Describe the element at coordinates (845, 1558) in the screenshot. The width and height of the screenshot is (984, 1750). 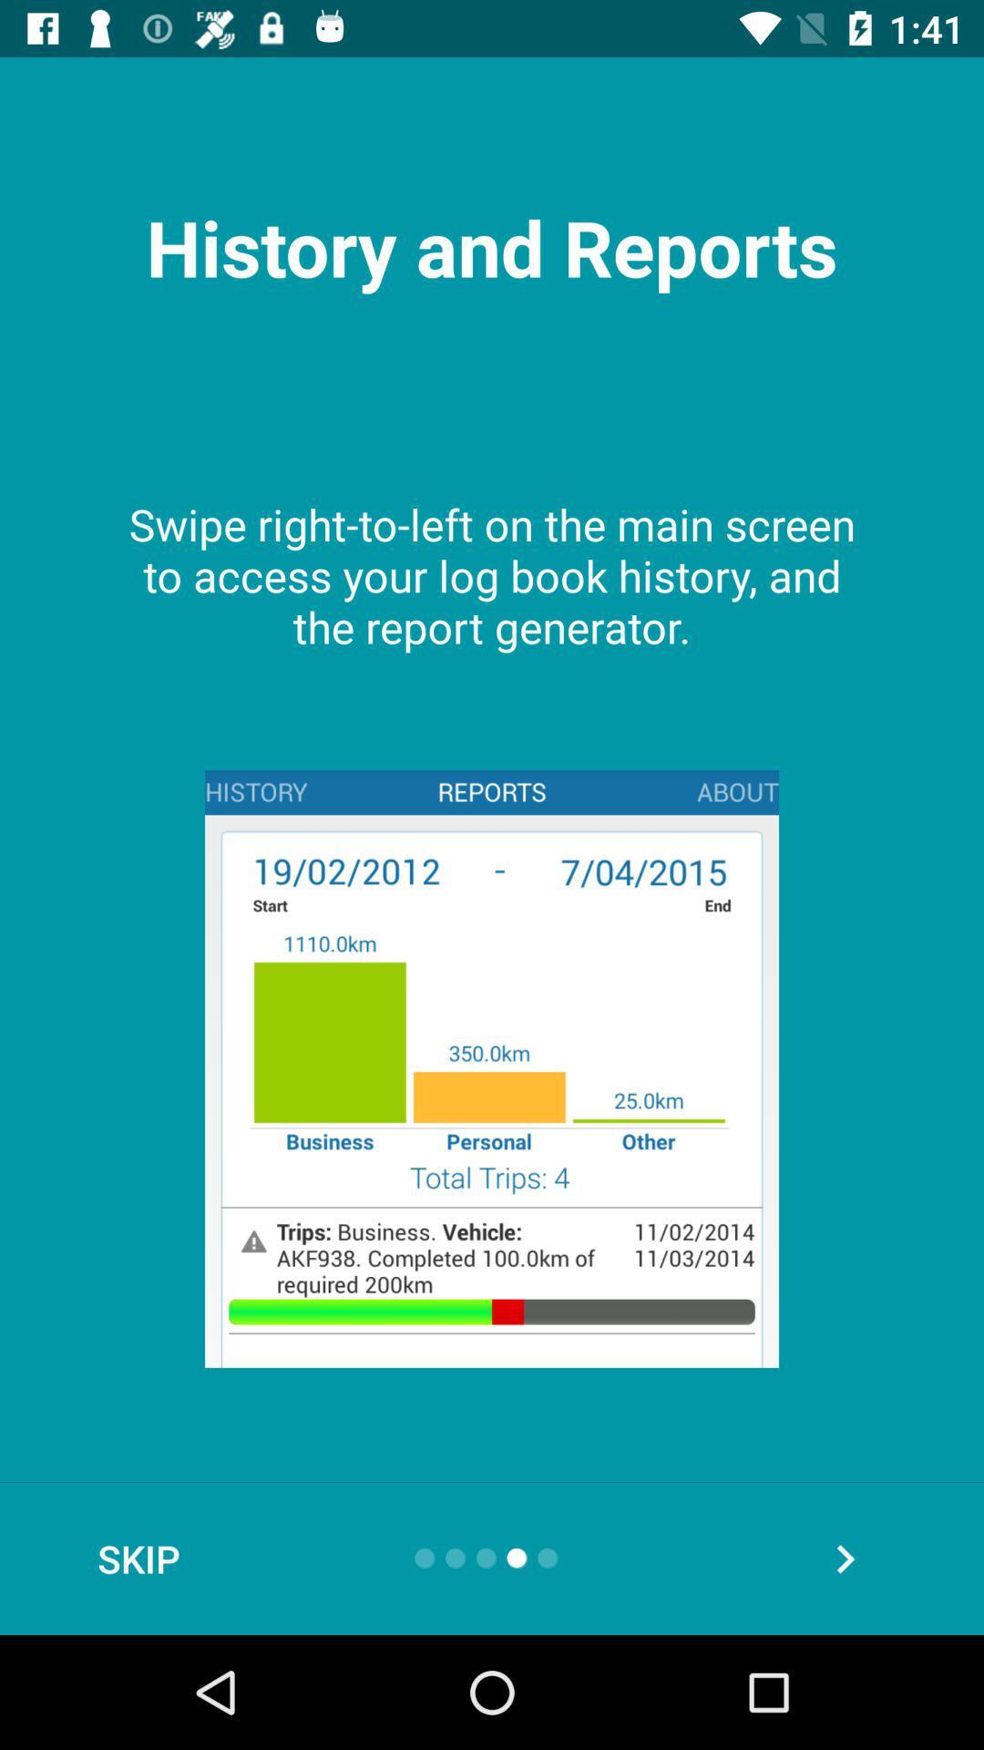
I see `the arrow_forward icon` at that location.